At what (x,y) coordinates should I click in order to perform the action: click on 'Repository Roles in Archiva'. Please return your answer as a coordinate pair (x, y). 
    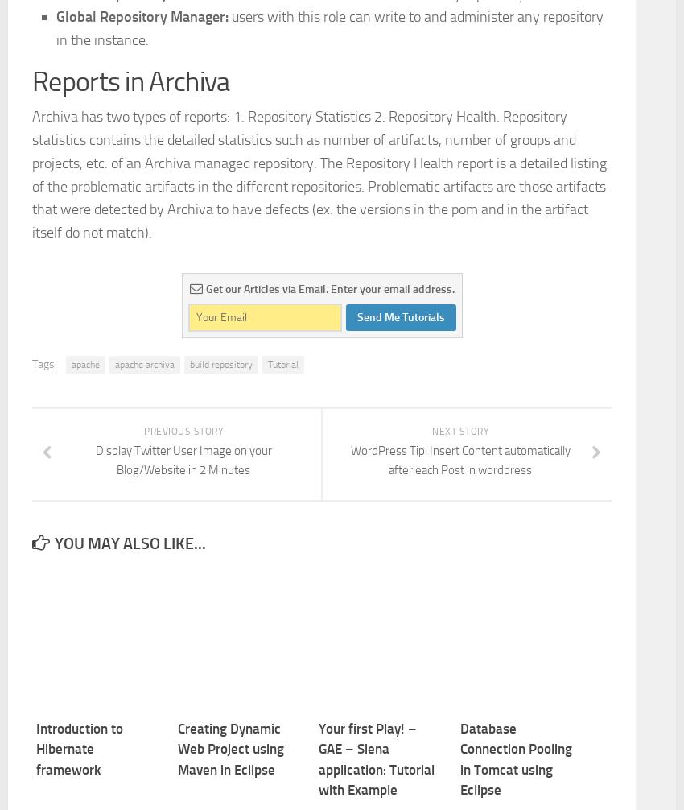
    Looking at the image, I should click on (179, 68).